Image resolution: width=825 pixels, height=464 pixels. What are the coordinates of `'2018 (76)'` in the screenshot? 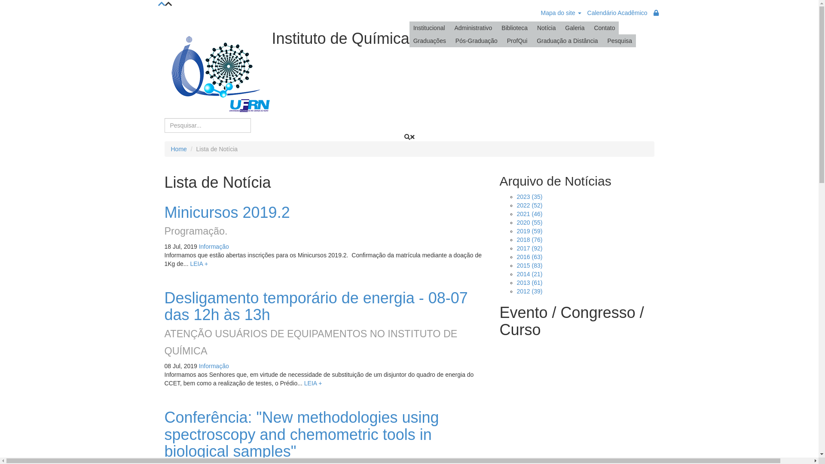 It's located at (529, 240).